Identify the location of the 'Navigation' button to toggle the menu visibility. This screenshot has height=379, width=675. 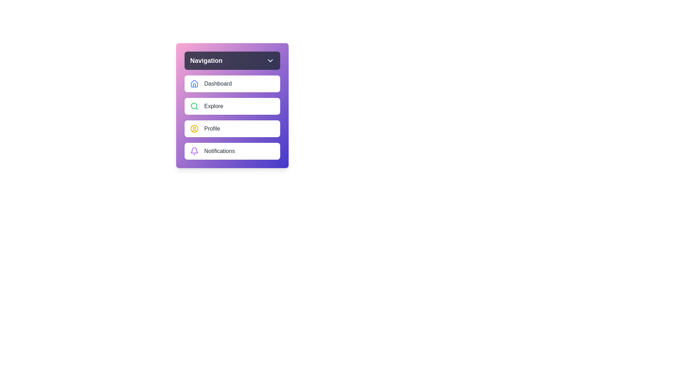
(232, 60).